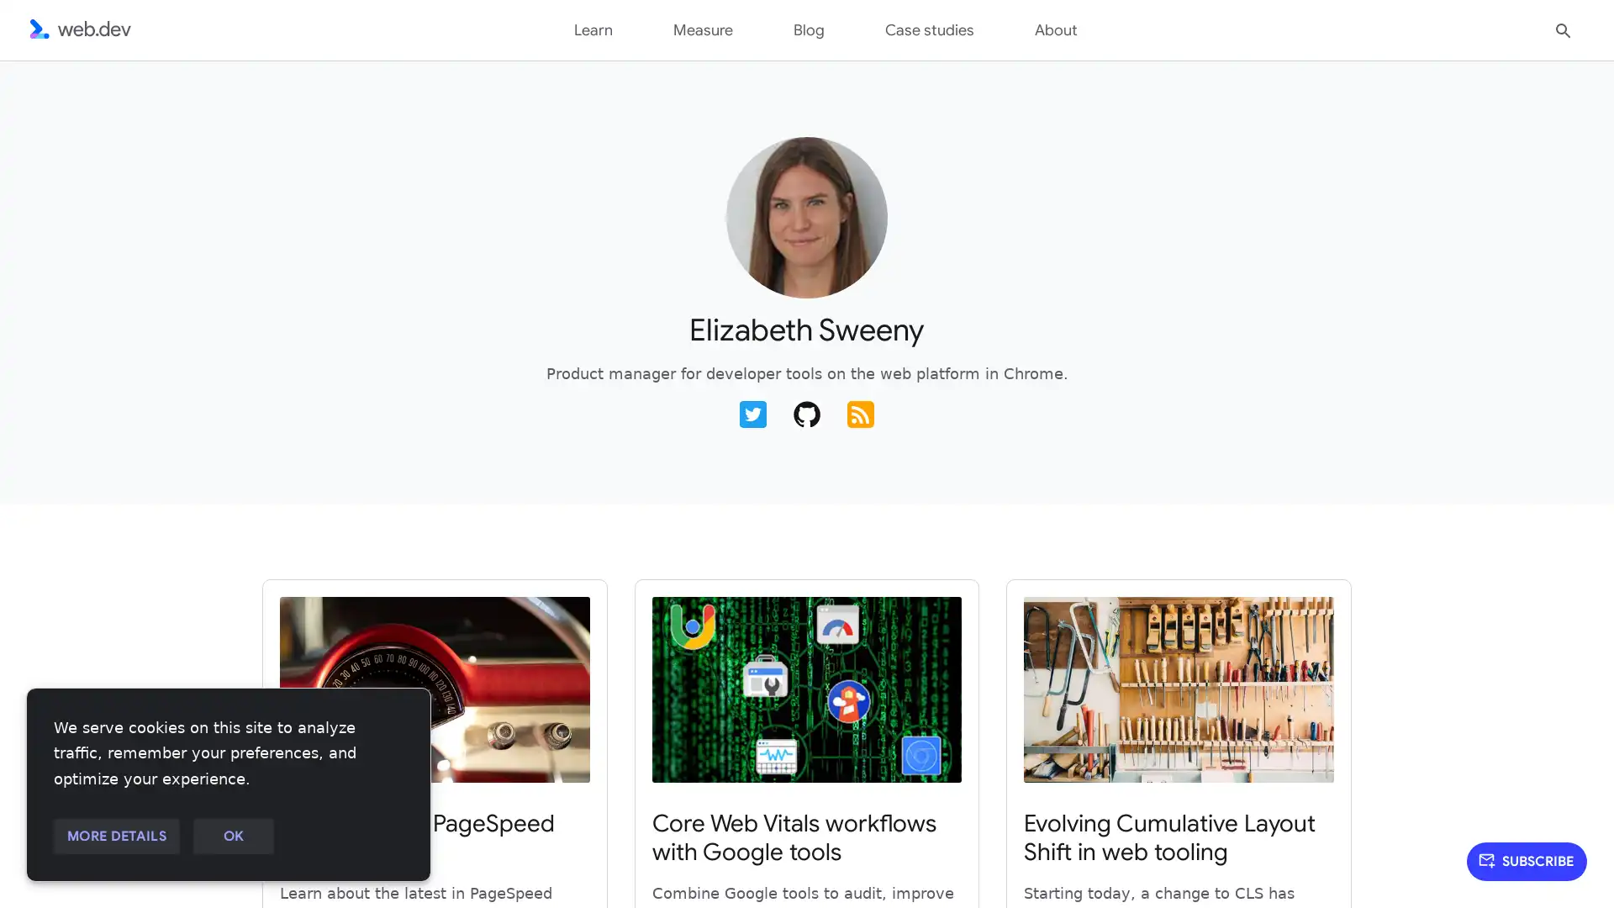  Describe the element at coordinates (1563, 29) in the screenshot. I see `Open search` at that location.